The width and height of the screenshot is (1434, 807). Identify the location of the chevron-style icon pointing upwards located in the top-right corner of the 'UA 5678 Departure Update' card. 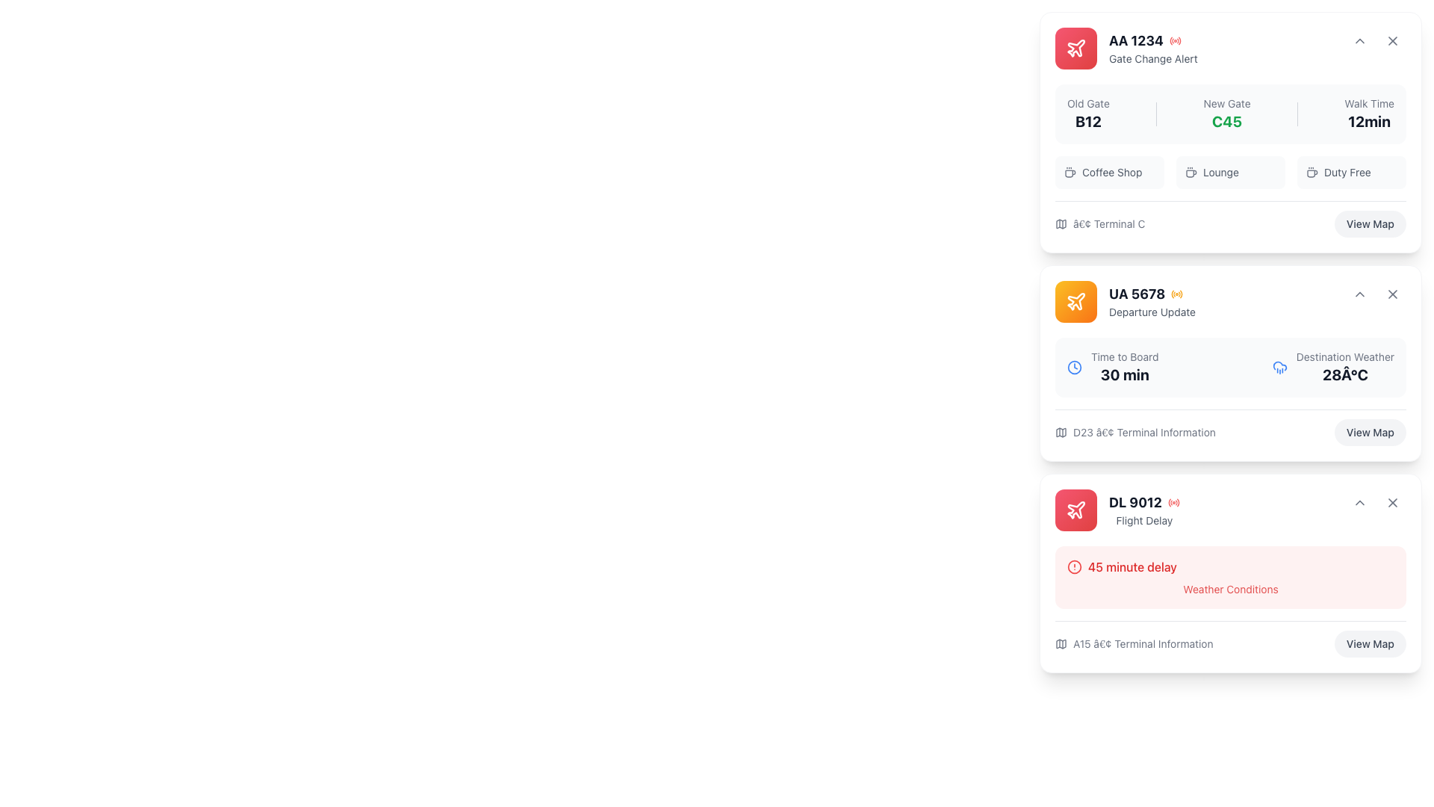
(1359, 294).